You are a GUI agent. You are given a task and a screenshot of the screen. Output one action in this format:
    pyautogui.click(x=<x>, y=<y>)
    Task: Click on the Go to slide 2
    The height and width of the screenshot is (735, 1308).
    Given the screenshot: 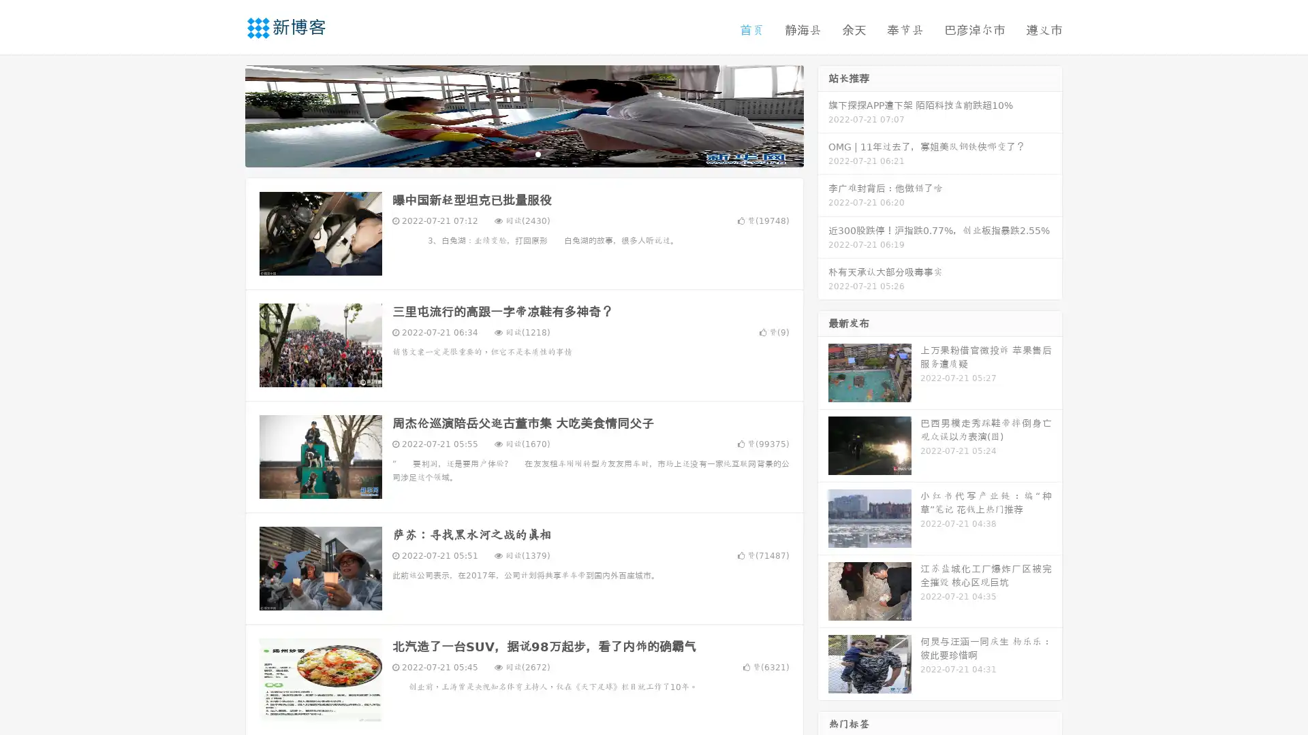 What is the action you would take?
    pyautogui.click(x=523, y=153)
    